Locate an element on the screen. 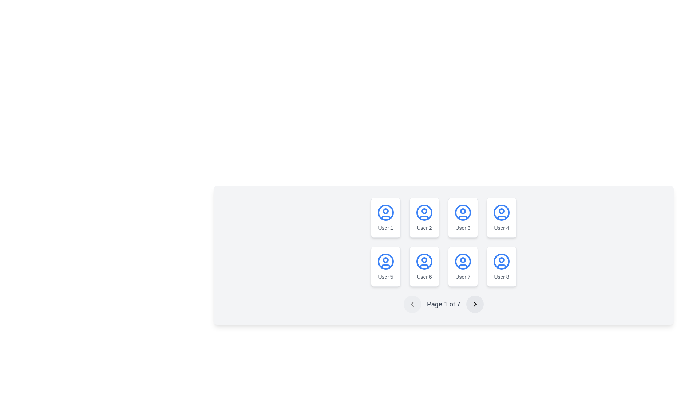 The width and height of the screenshot is (700, 394). the circular user icon with a blue outline labeled 'User 1' is located at coordinates (385, 212).